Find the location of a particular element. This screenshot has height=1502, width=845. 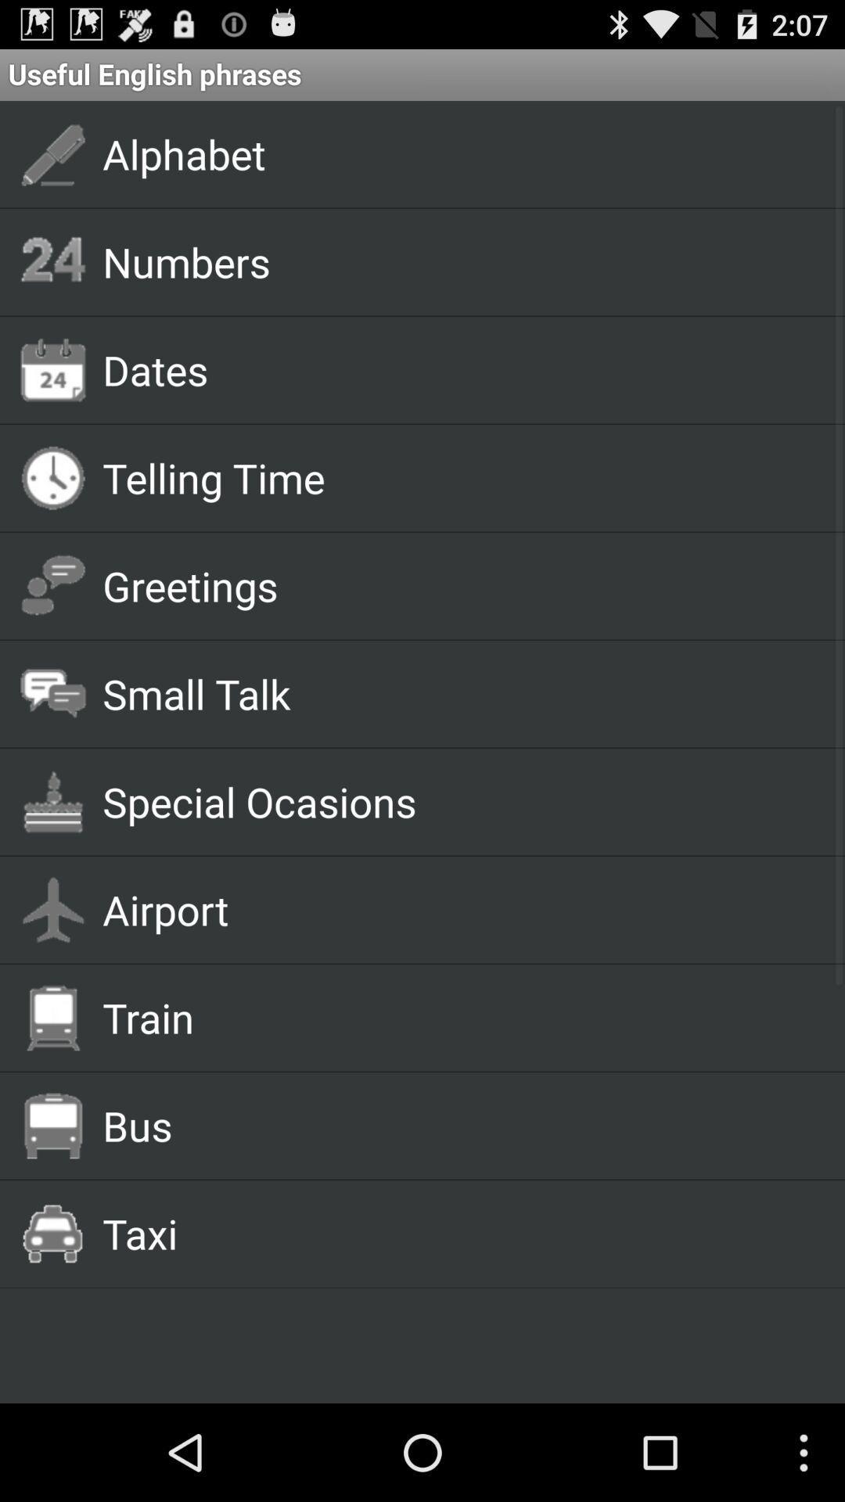

bus app is located at coordinates (455, 1124).